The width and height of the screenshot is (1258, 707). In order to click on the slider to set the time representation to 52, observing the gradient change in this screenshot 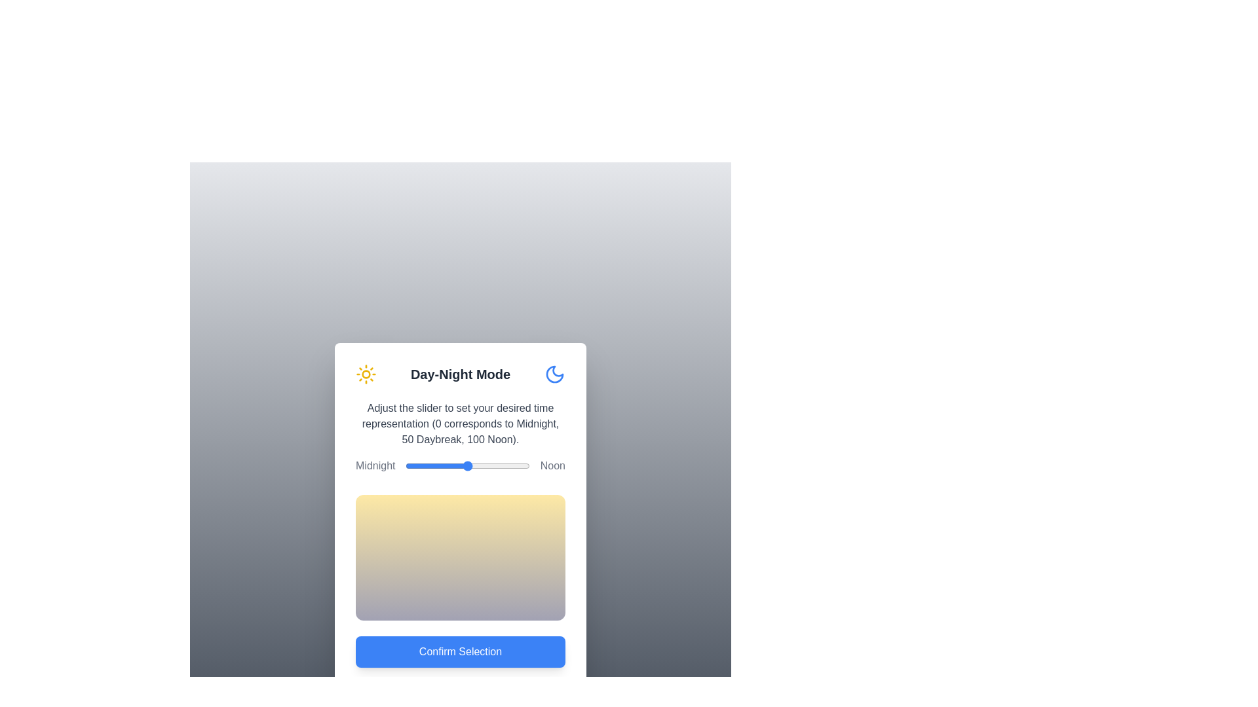, I will do `click(470, 465)`.